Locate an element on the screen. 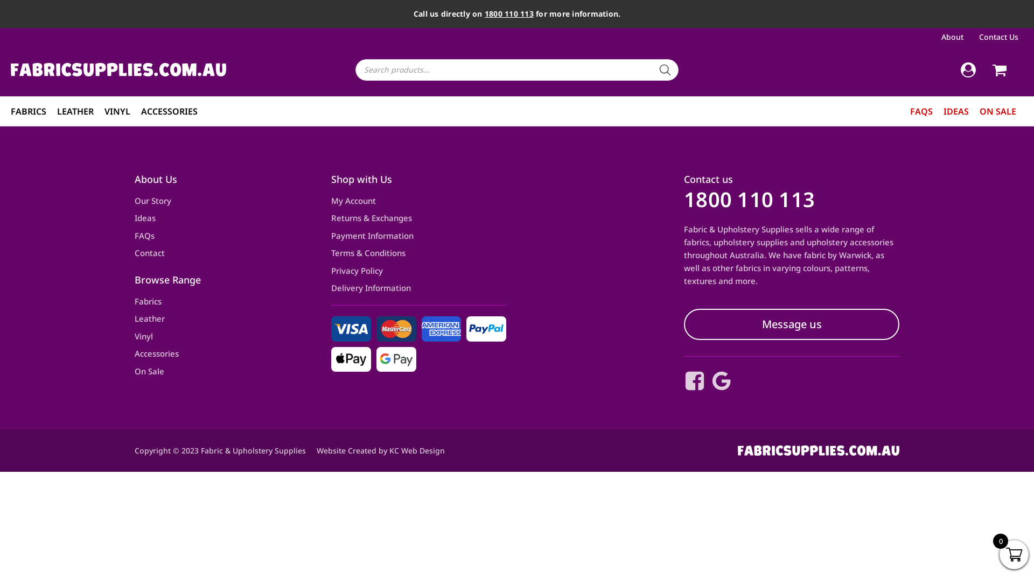  'ACCESSORIES' is located at coordinates (169, 111).